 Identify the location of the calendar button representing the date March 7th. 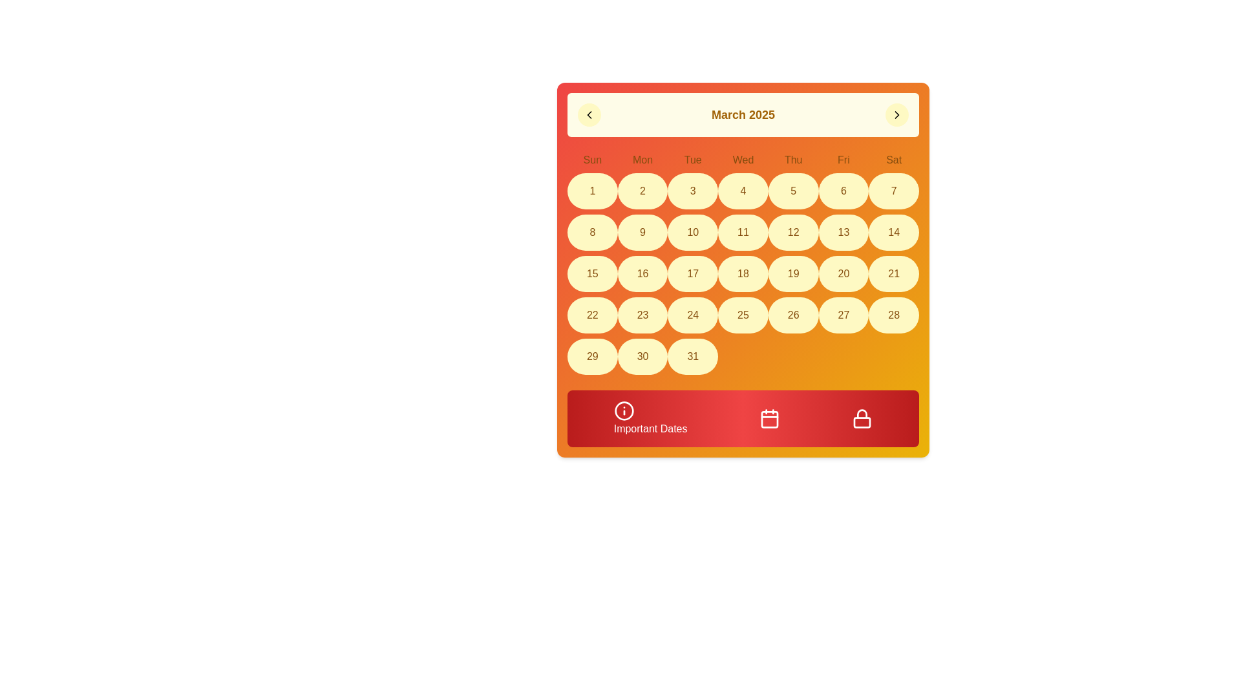
(893, 191).